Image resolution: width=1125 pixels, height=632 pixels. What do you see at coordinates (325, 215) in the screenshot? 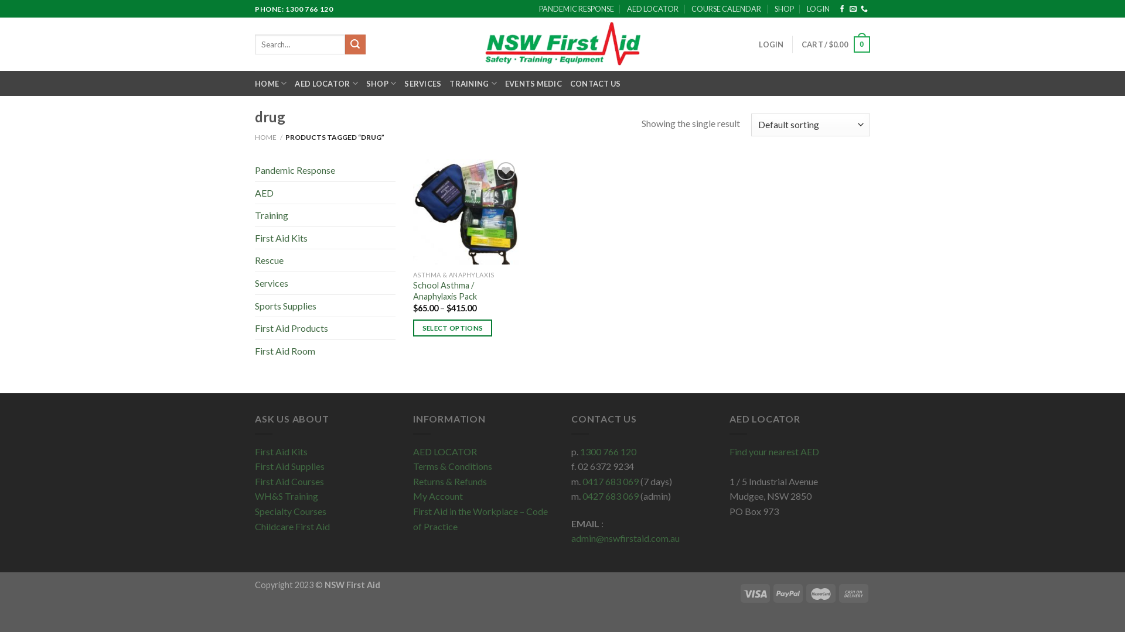
I see `'Training'` at bounding box center [325, 215].